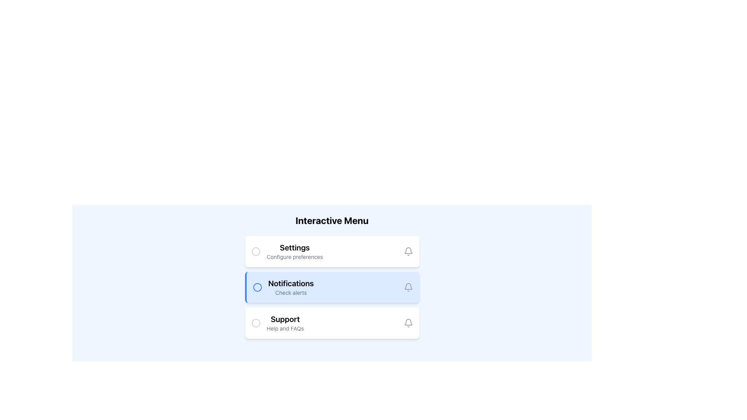 The height and width of the screenshot is (420, 747). Describe the element at coordinates (332, 252) in the screenshot. I see `the settings menu card, which is the first item in the vertical list located below the title 'Interactive Menu'` at that location.